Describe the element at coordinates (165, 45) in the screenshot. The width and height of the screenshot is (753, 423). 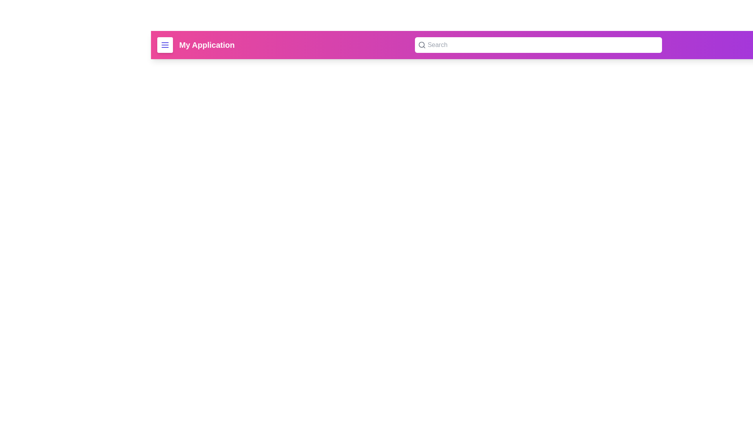
I see `menu button to open the navigation options` at that location.